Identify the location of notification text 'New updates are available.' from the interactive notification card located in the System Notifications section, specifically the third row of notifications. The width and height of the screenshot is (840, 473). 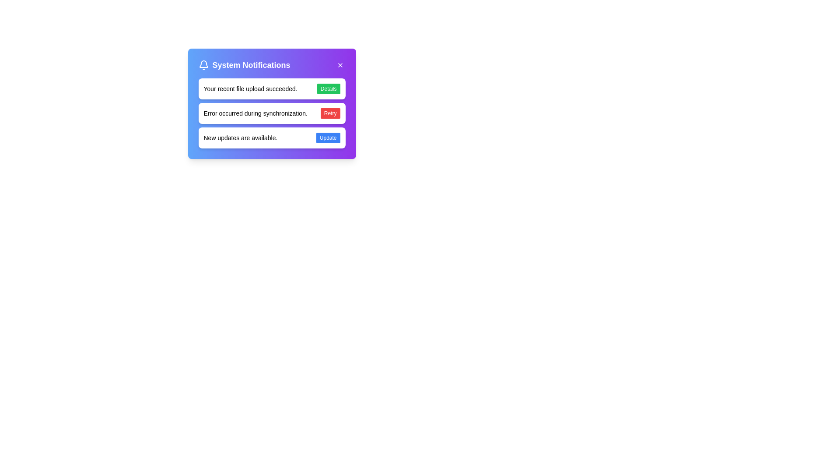
(271, 138).